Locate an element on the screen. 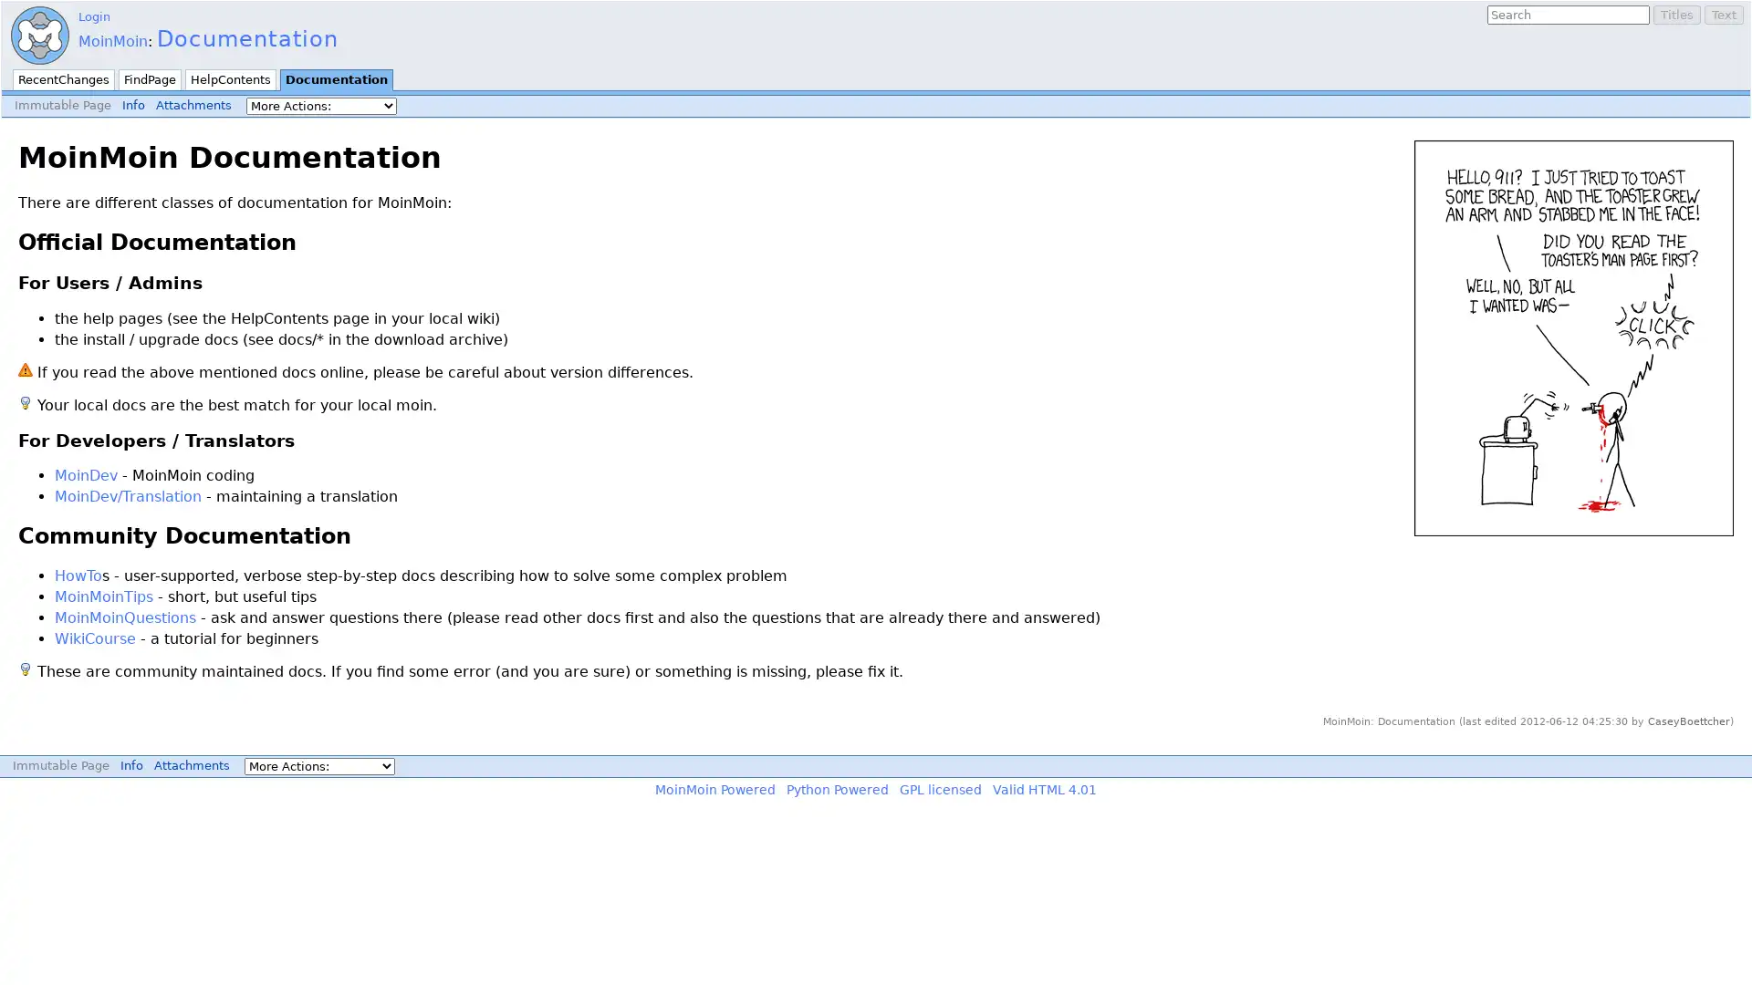 This screenshot has height=985, width=1752. Text is located at coordinates (1723, 15).